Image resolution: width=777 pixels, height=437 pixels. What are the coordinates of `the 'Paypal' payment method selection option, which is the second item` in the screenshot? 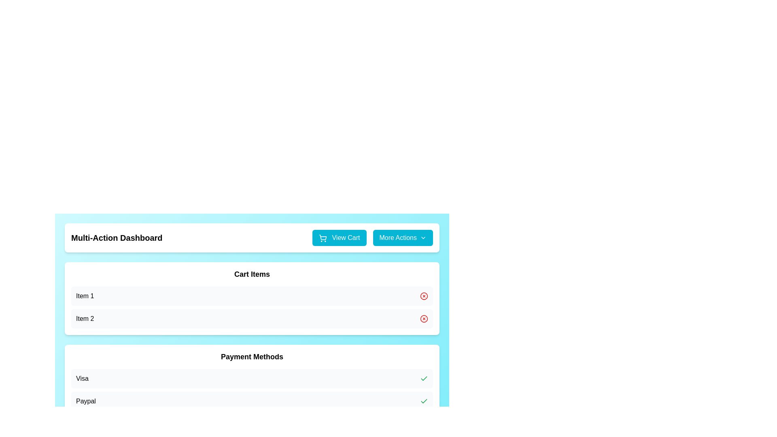 It's located at (252, 401).